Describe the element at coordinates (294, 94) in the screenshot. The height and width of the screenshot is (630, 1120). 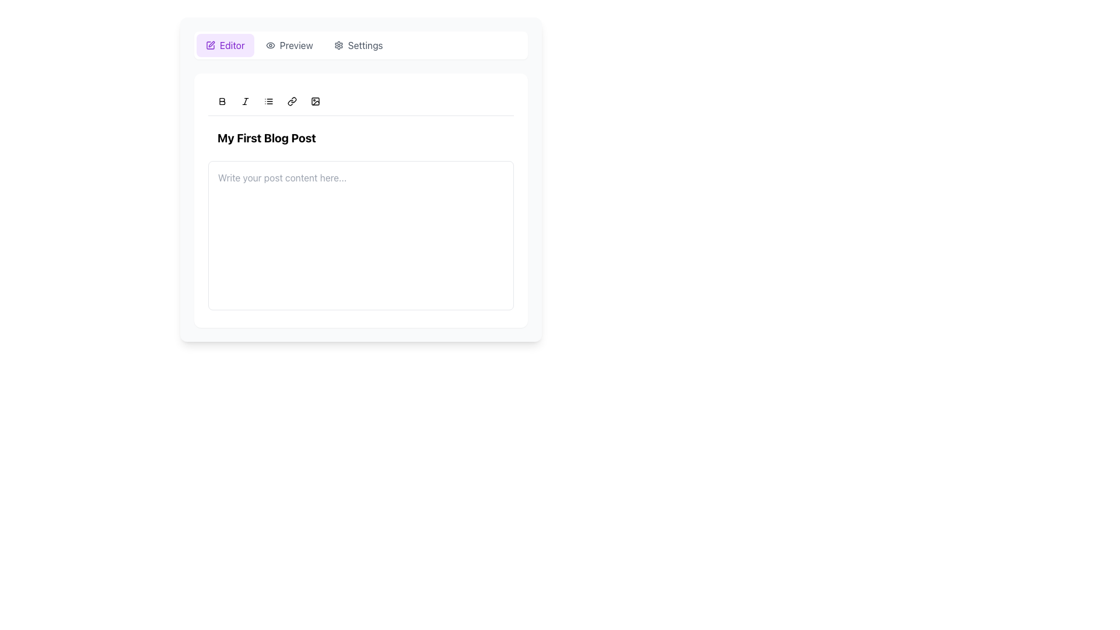
I see `the tooltip that provides descriptive information for the link icon in the content editor's toolbar` at that location.